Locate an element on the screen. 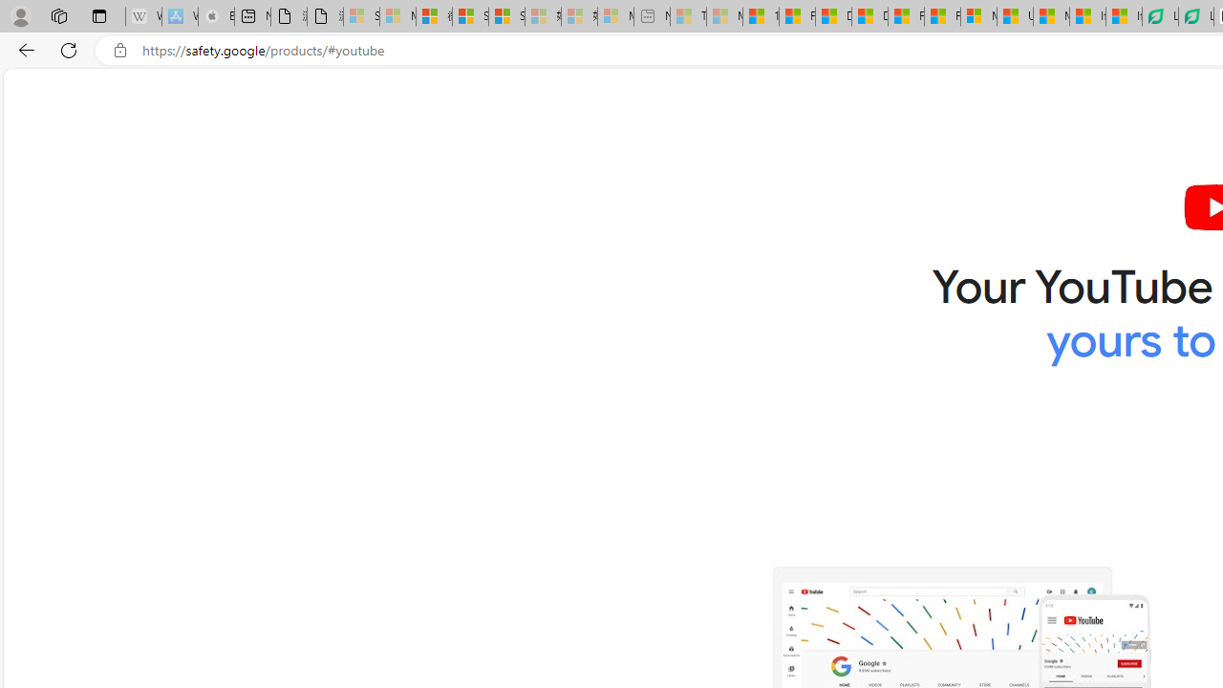 Image resolution: width=1223 pixels, height=688 pixels. 'Food and Drink - MSN' is located at coordinates (796, 16).